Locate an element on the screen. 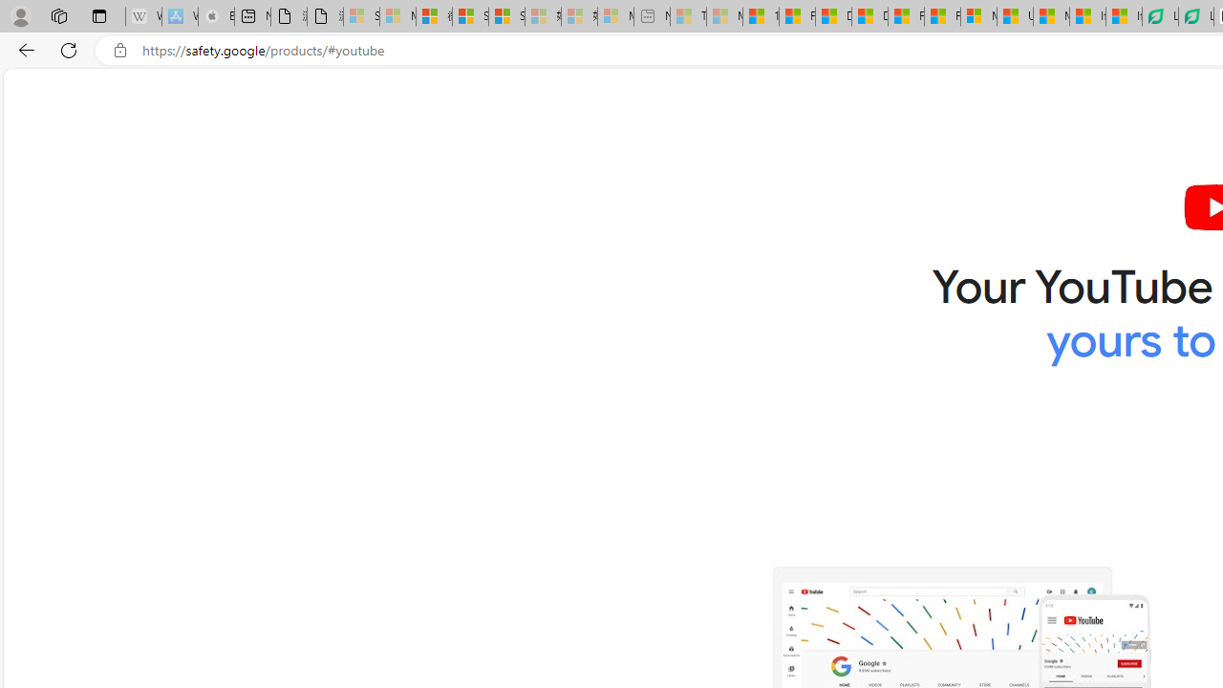 Image resolution: width=1223 pixels, height=688 pixels. 'Food and Drink - MSN' is located at coordinates (796, 16).